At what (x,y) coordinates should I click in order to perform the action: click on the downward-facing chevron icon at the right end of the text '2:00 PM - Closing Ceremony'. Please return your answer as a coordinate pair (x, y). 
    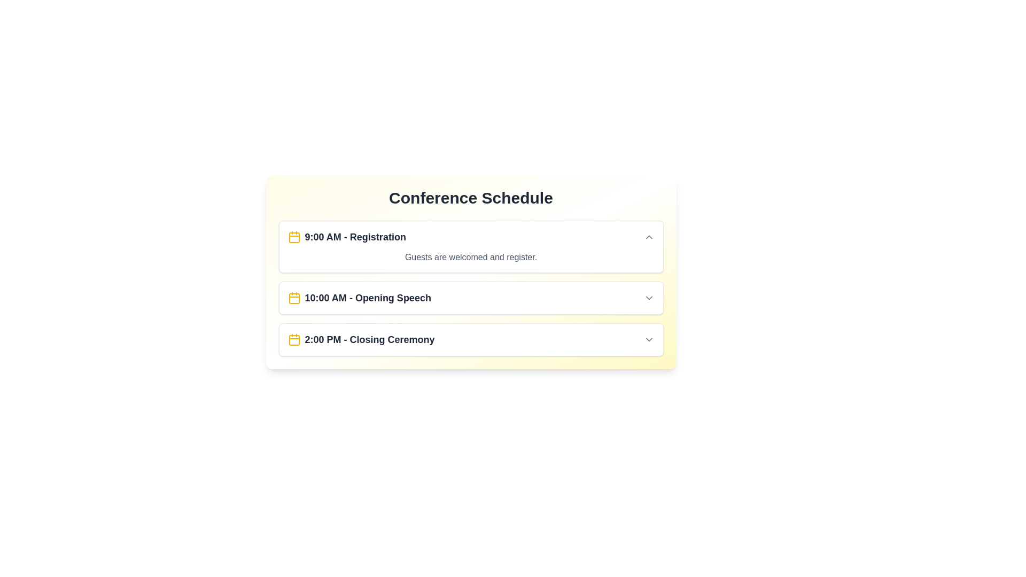
    Looking at the image, I should click on (648, 340).